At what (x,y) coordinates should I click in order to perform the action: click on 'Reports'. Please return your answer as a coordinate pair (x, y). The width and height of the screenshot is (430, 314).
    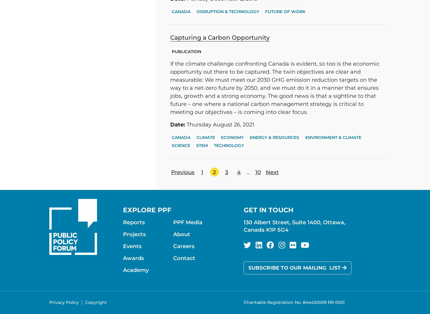
    Looking at the image, I should click on (134, 222).